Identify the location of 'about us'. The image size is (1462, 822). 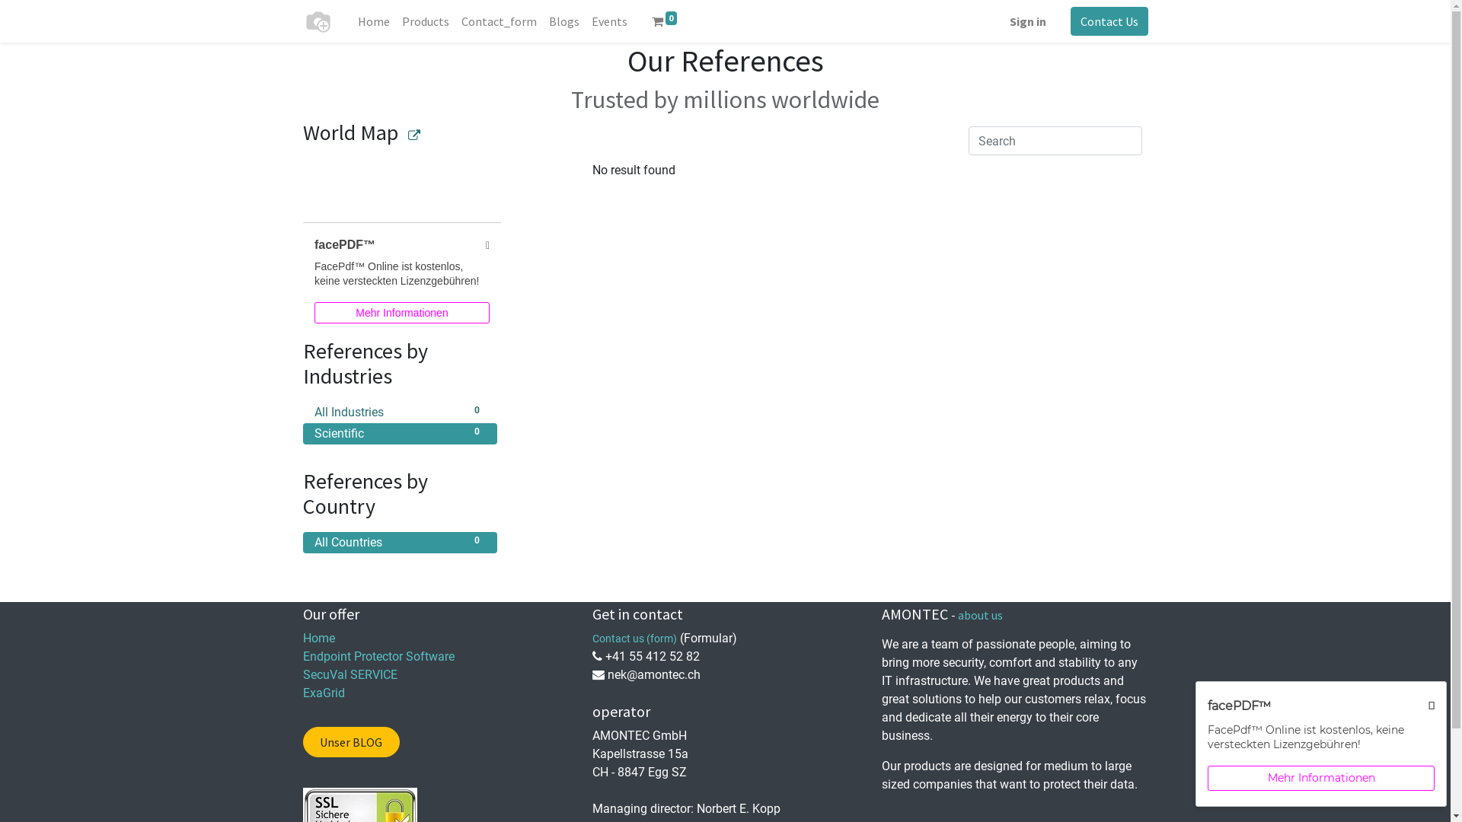
(956, 613).